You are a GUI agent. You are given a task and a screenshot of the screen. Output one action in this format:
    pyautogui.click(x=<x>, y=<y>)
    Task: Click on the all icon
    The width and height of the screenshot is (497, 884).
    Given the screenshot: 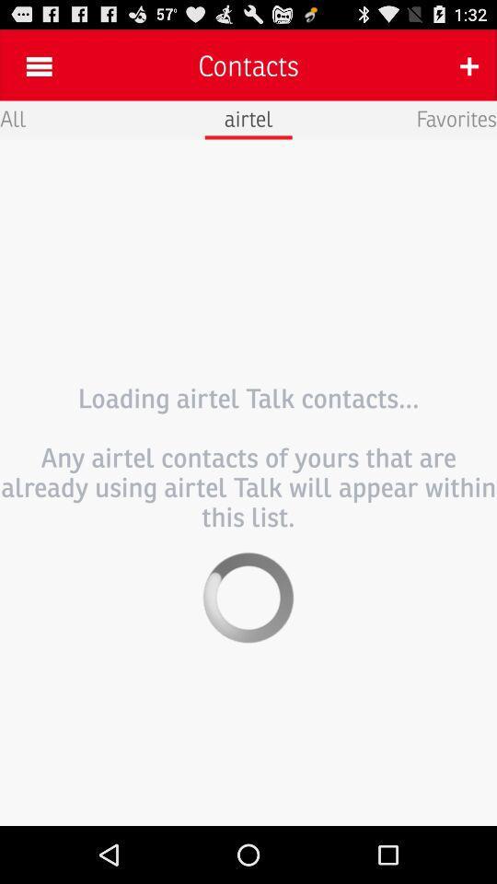 What is the action you would take?
    pyautogui.click(x=12, y=117)
    